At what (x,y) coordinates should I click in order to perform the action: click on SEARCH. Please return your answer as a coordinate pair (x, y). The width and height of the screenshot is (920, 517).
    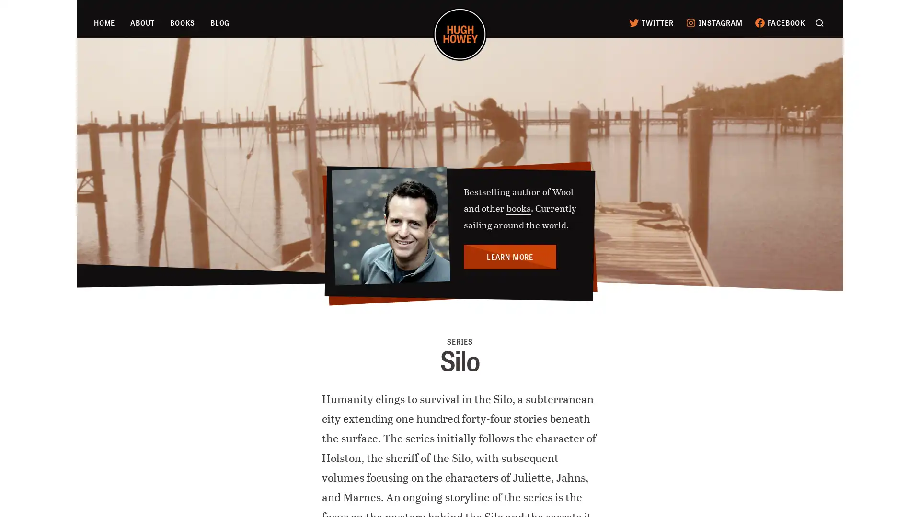
    Looking at the image, I should click on (817, 22).